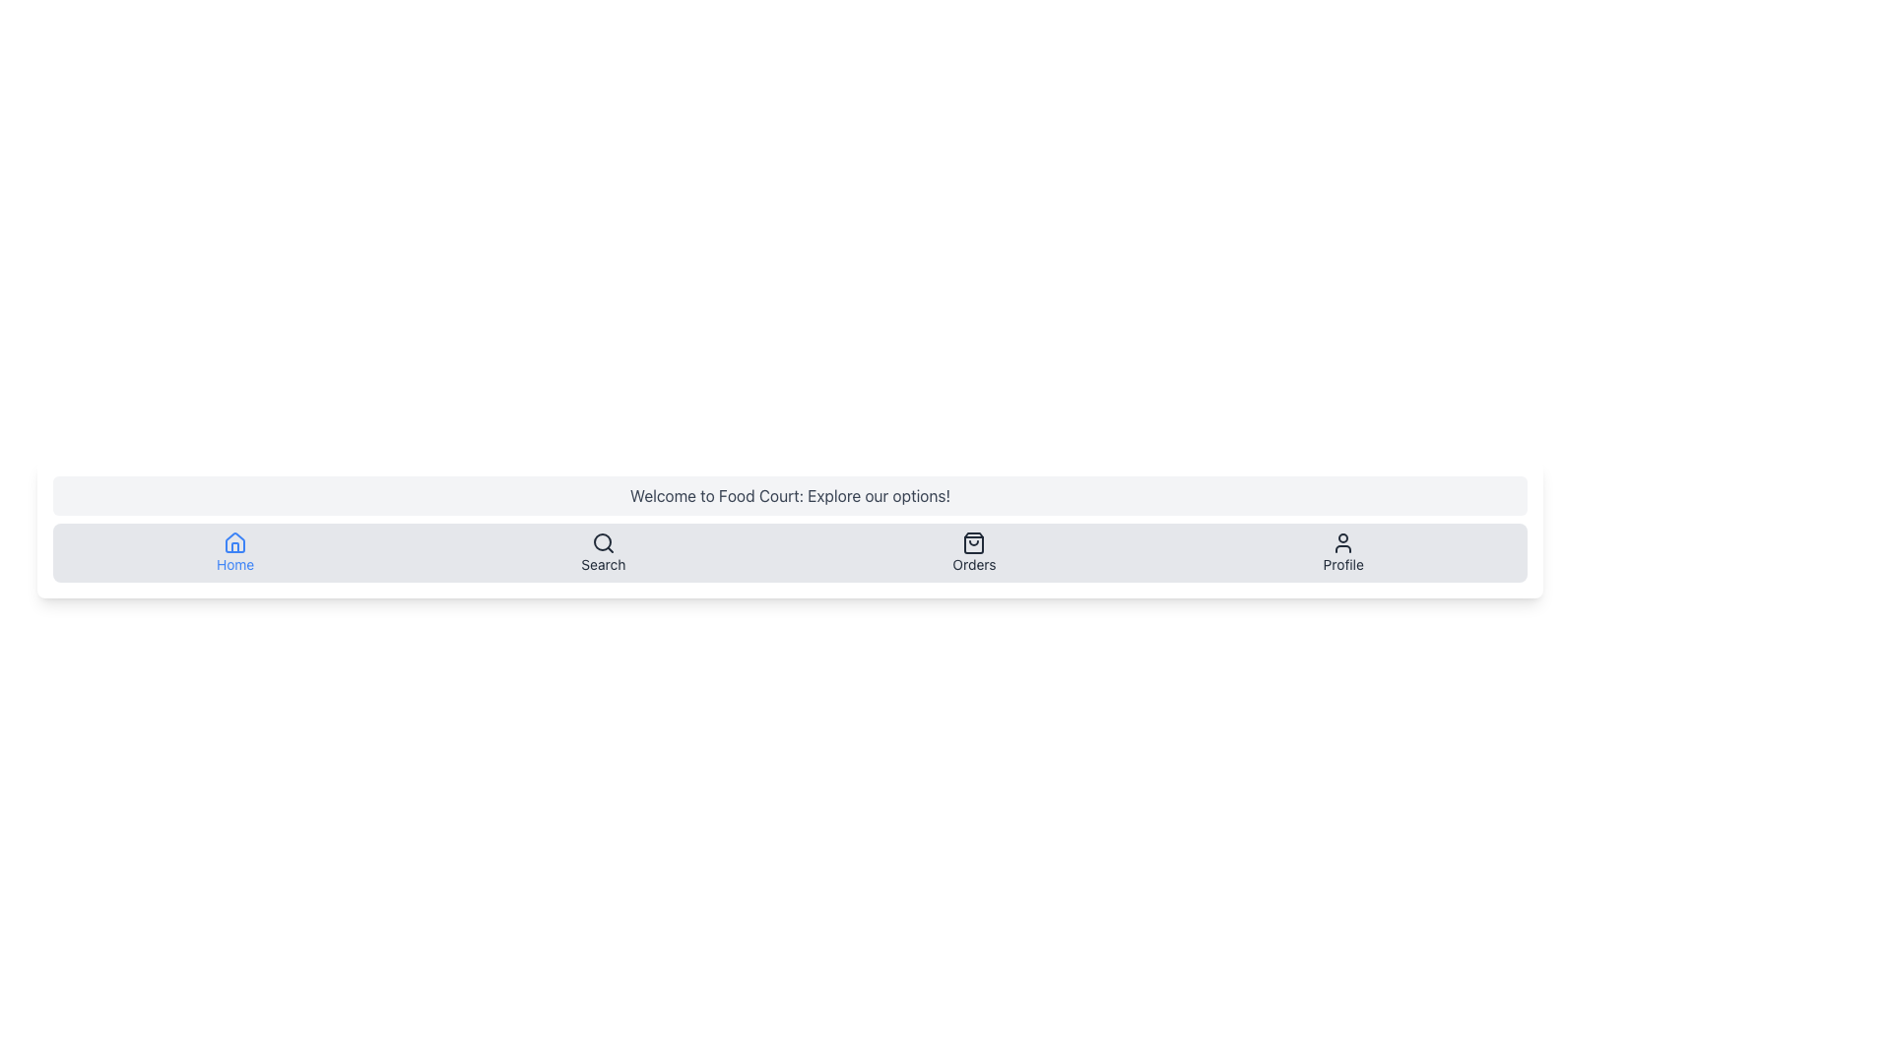  I want to click on the 'Orders' icon located in the bottom navigation bar, which visually represents the 'Orders' section and is the third item from the left, so click(974, 542).